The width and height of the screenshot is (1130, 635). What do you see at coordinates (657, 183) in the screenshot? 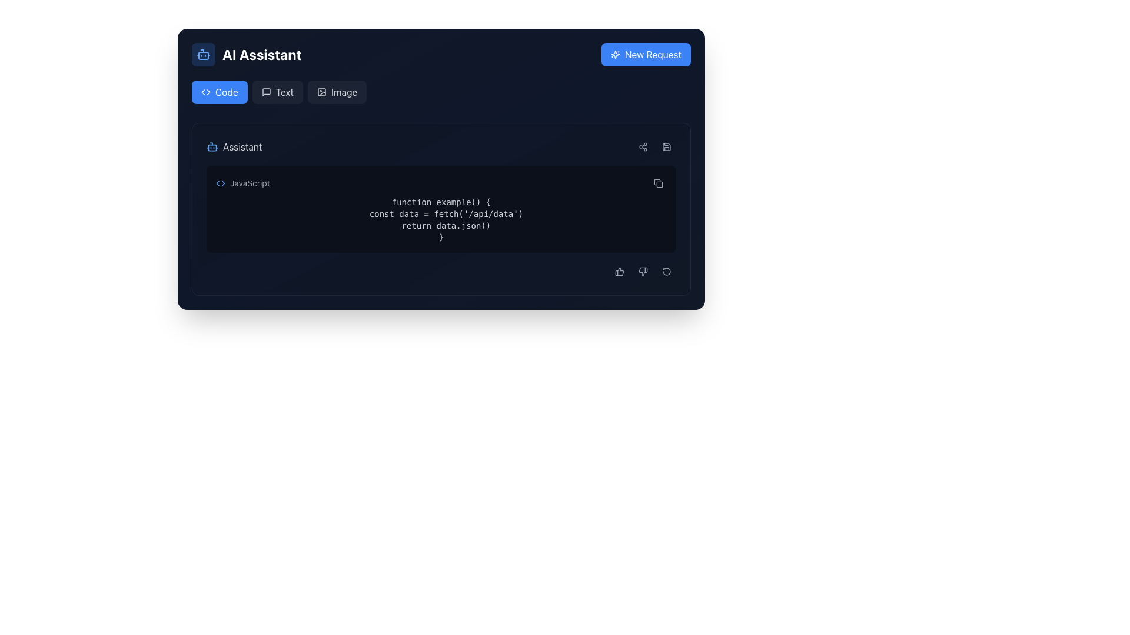
I see `the compact document-copy button located in the top-right region of the interactive interface to copy content` at bounding box center [657, 183].